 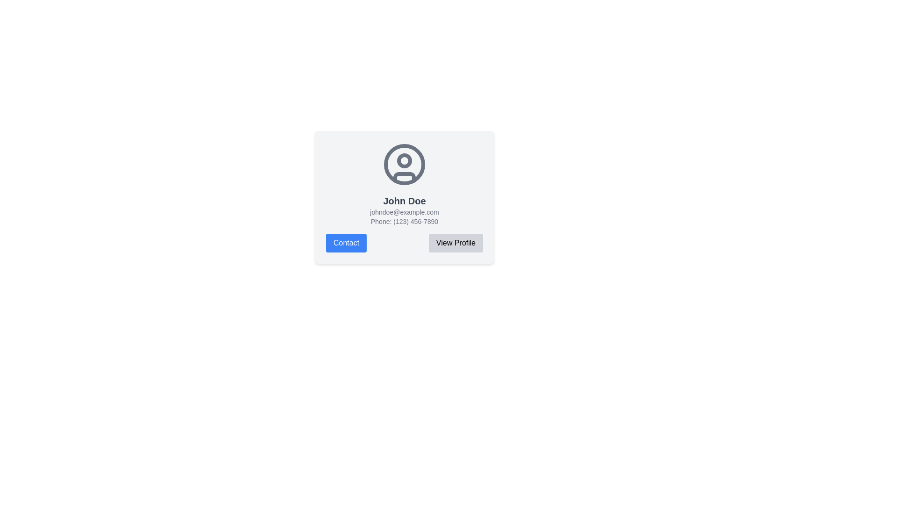 I want to click on the circular SVG element representing a user, which has a gray outline and is centered within the user icon component at the top of the profile card, so click(x=404, y=164).